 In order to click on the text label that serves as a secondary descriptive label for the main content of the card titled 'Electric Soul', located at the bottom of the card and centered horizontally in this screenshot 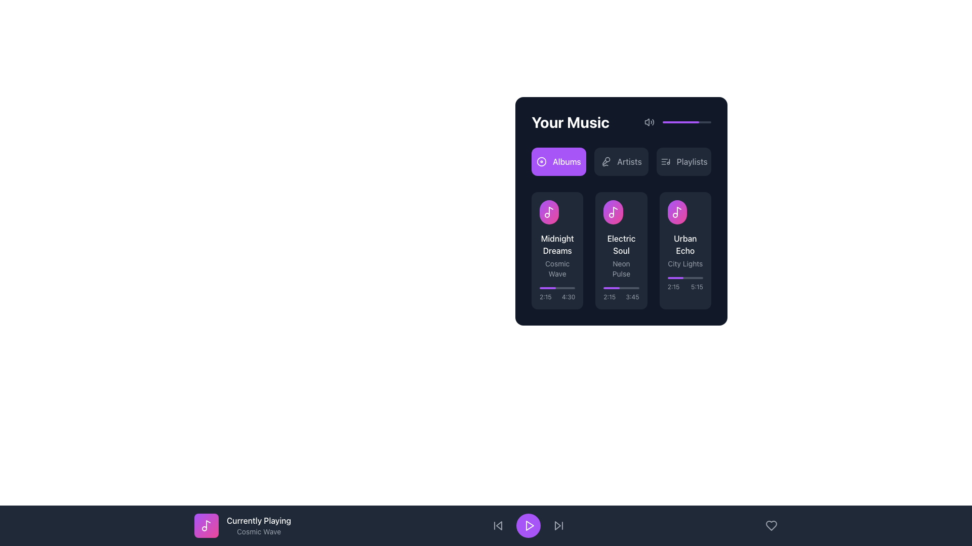, I will do `click(621, 268)`.